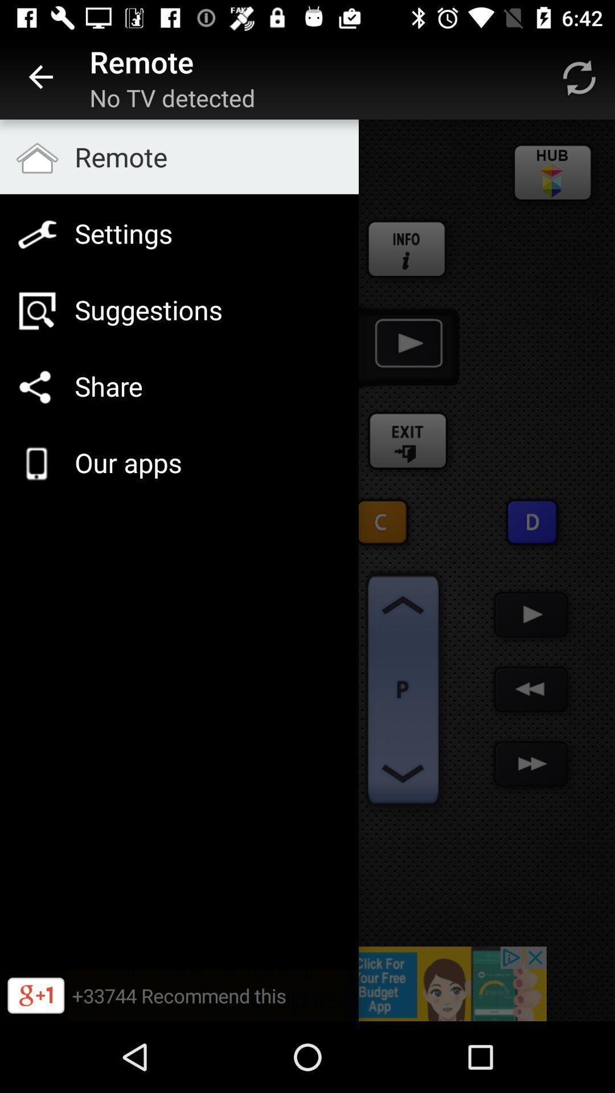 Image resolution: width=615 pixels, height=1093 pixels. What do you see at coordinates (403, 774) in the screenshot?
I see `the expand_more icon` at bounding box center [403, 774].